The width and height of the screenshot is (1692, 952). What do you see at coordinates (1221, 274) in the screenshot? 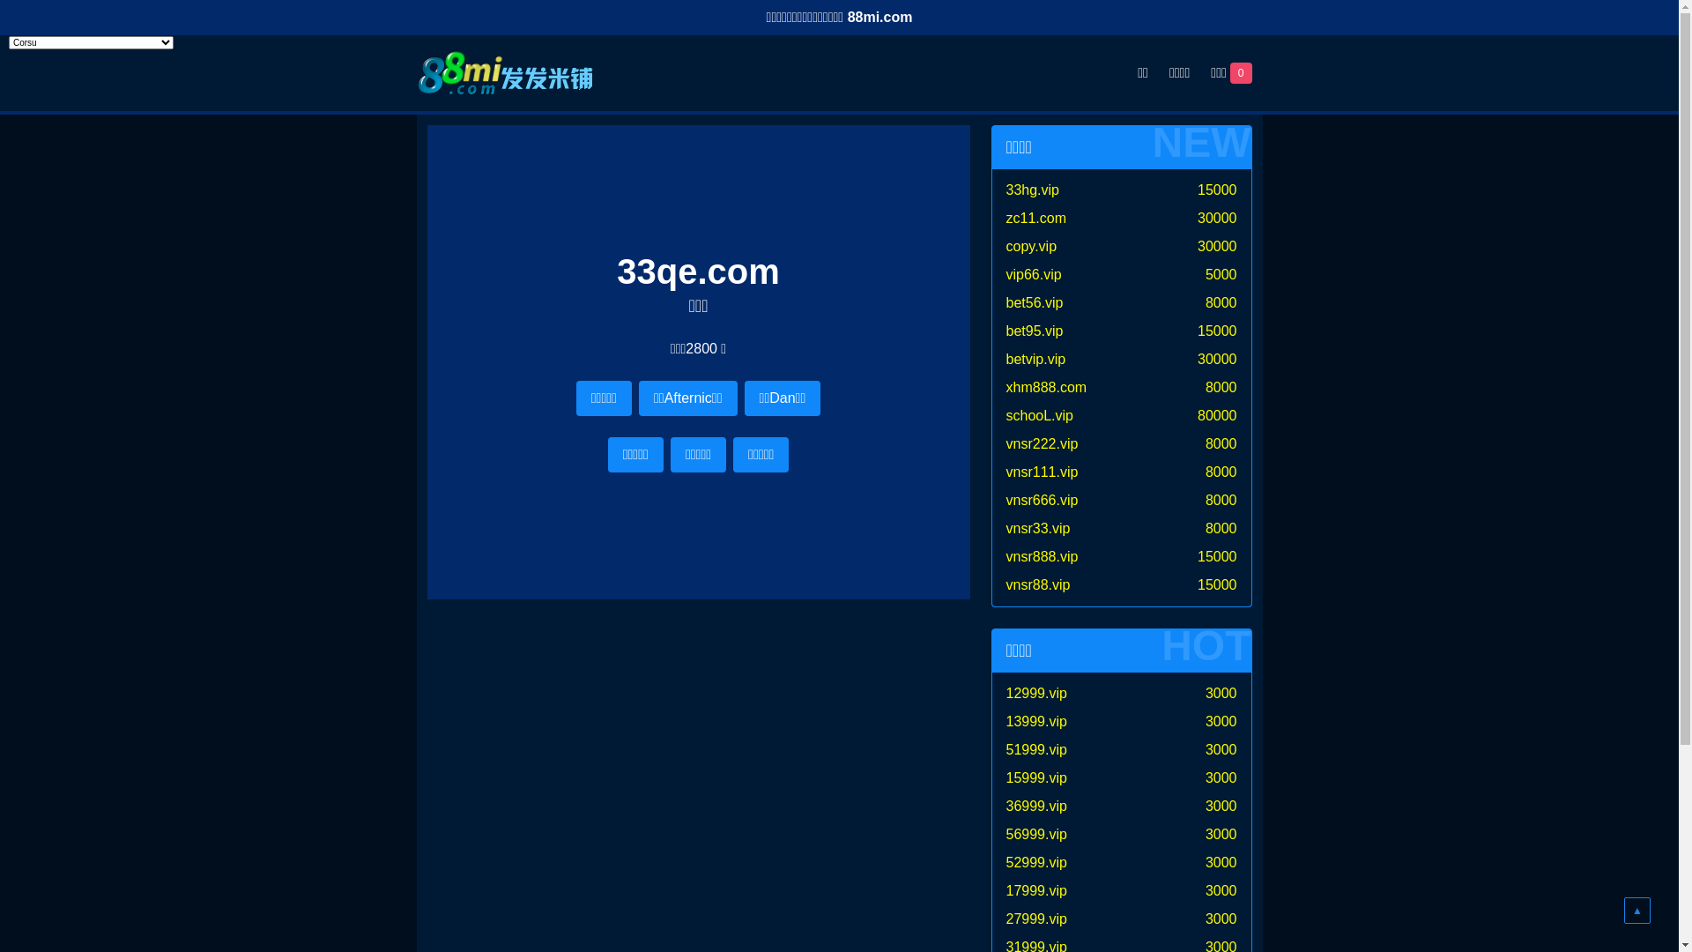
I see `'5000'` at bounding box center [1221, 274].